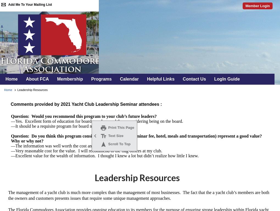 The width and height of the screenshot is (280, 211). What do you see at coordinates (257, 6) in the screenshot?
I see `'Member Login'` at bounding box center [257, 6].